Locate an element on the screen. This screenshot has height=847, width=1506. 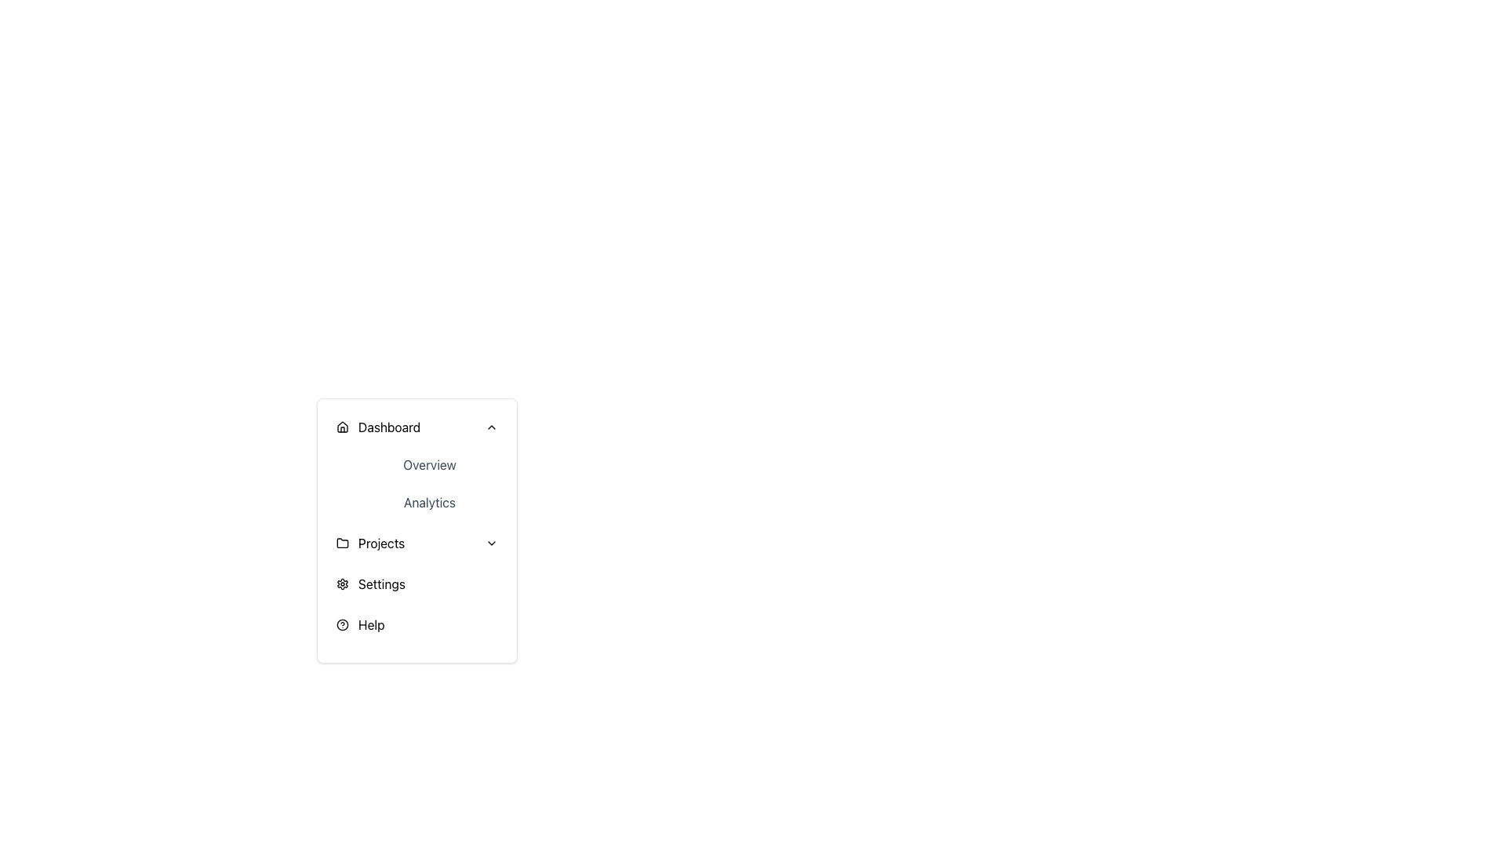
the Text label displaying 'Overview', which is styled with a grey font color and is located below the 'Dashboard' component and above the 'Analytics' text in the 'Dashboard' dropdown menu is located at coordinates (429, 464).